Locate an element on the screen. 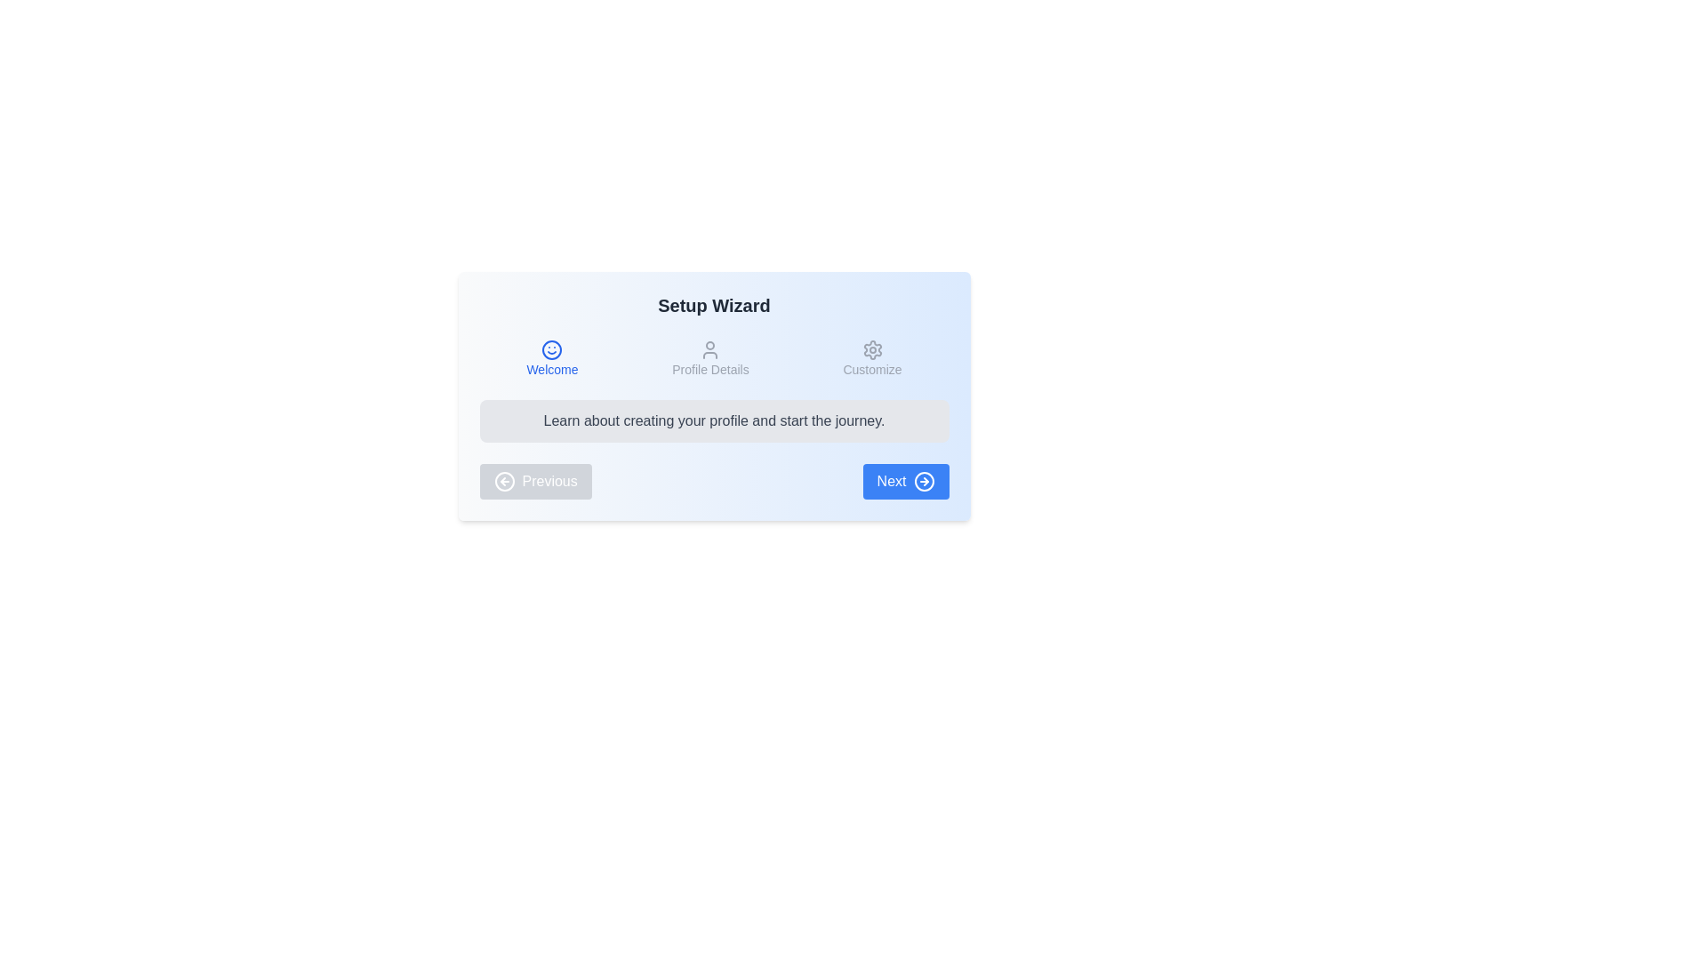 The image size is (1707, 960). the text label displaying 'Learn about creating your profile and start the journey.' which is centrally aligned and located towards the bottom of the interactive setup wizard interface is located at coordinates (714, 421).